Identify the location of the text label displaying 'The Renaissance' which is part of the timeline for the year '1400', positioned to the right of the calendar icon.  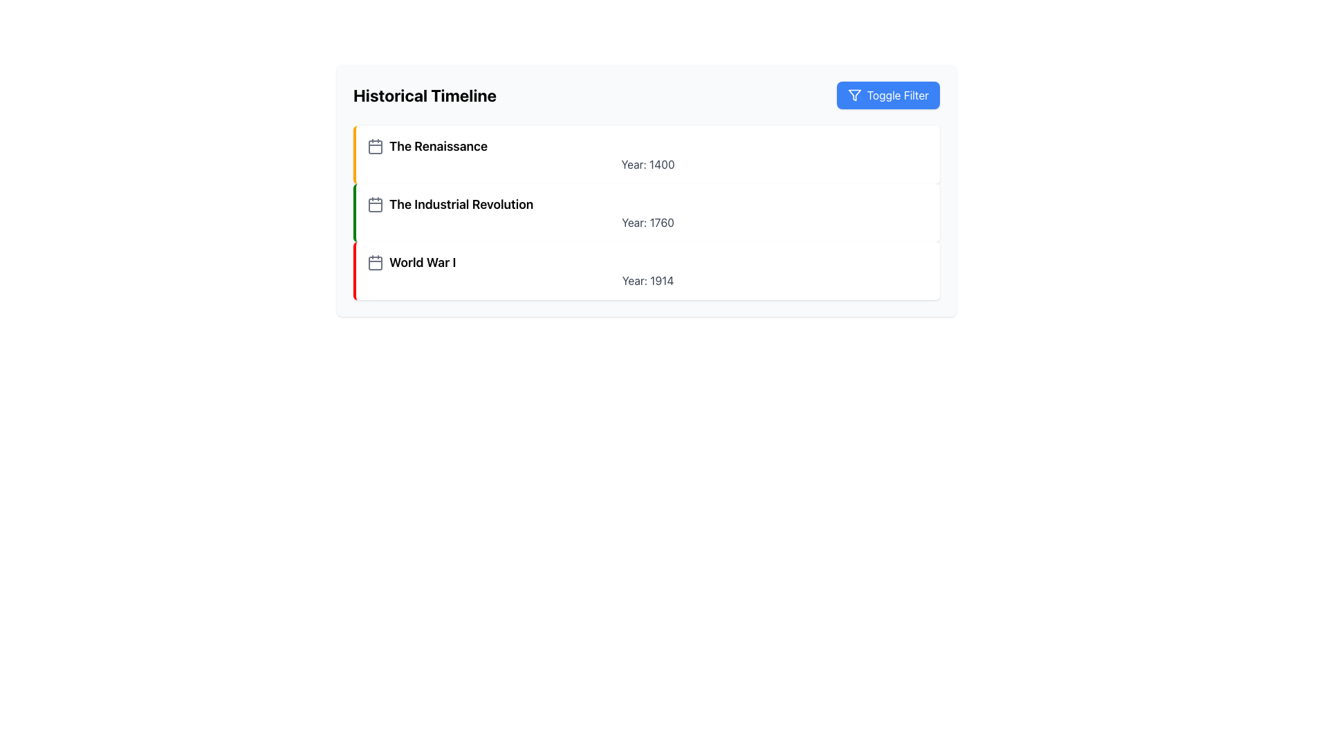
(438, 147).